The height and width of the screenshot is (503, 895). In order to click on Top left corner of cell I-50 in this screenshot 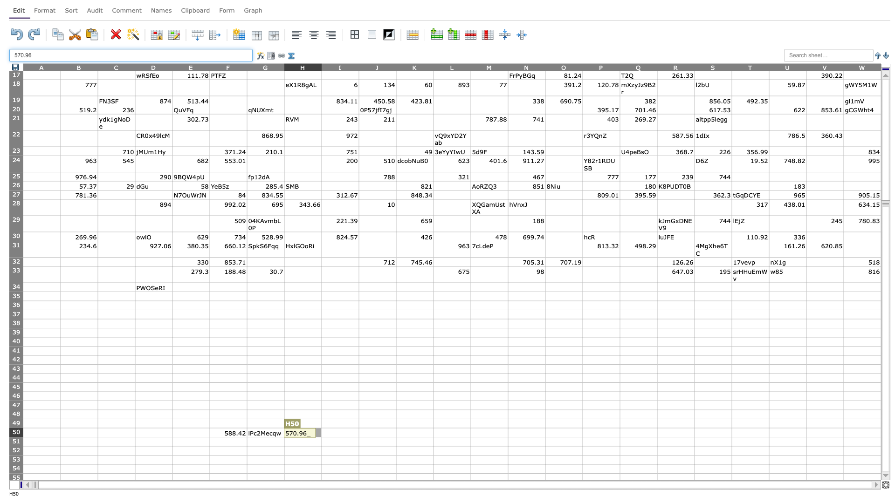, I will do `click(322, 428)`.